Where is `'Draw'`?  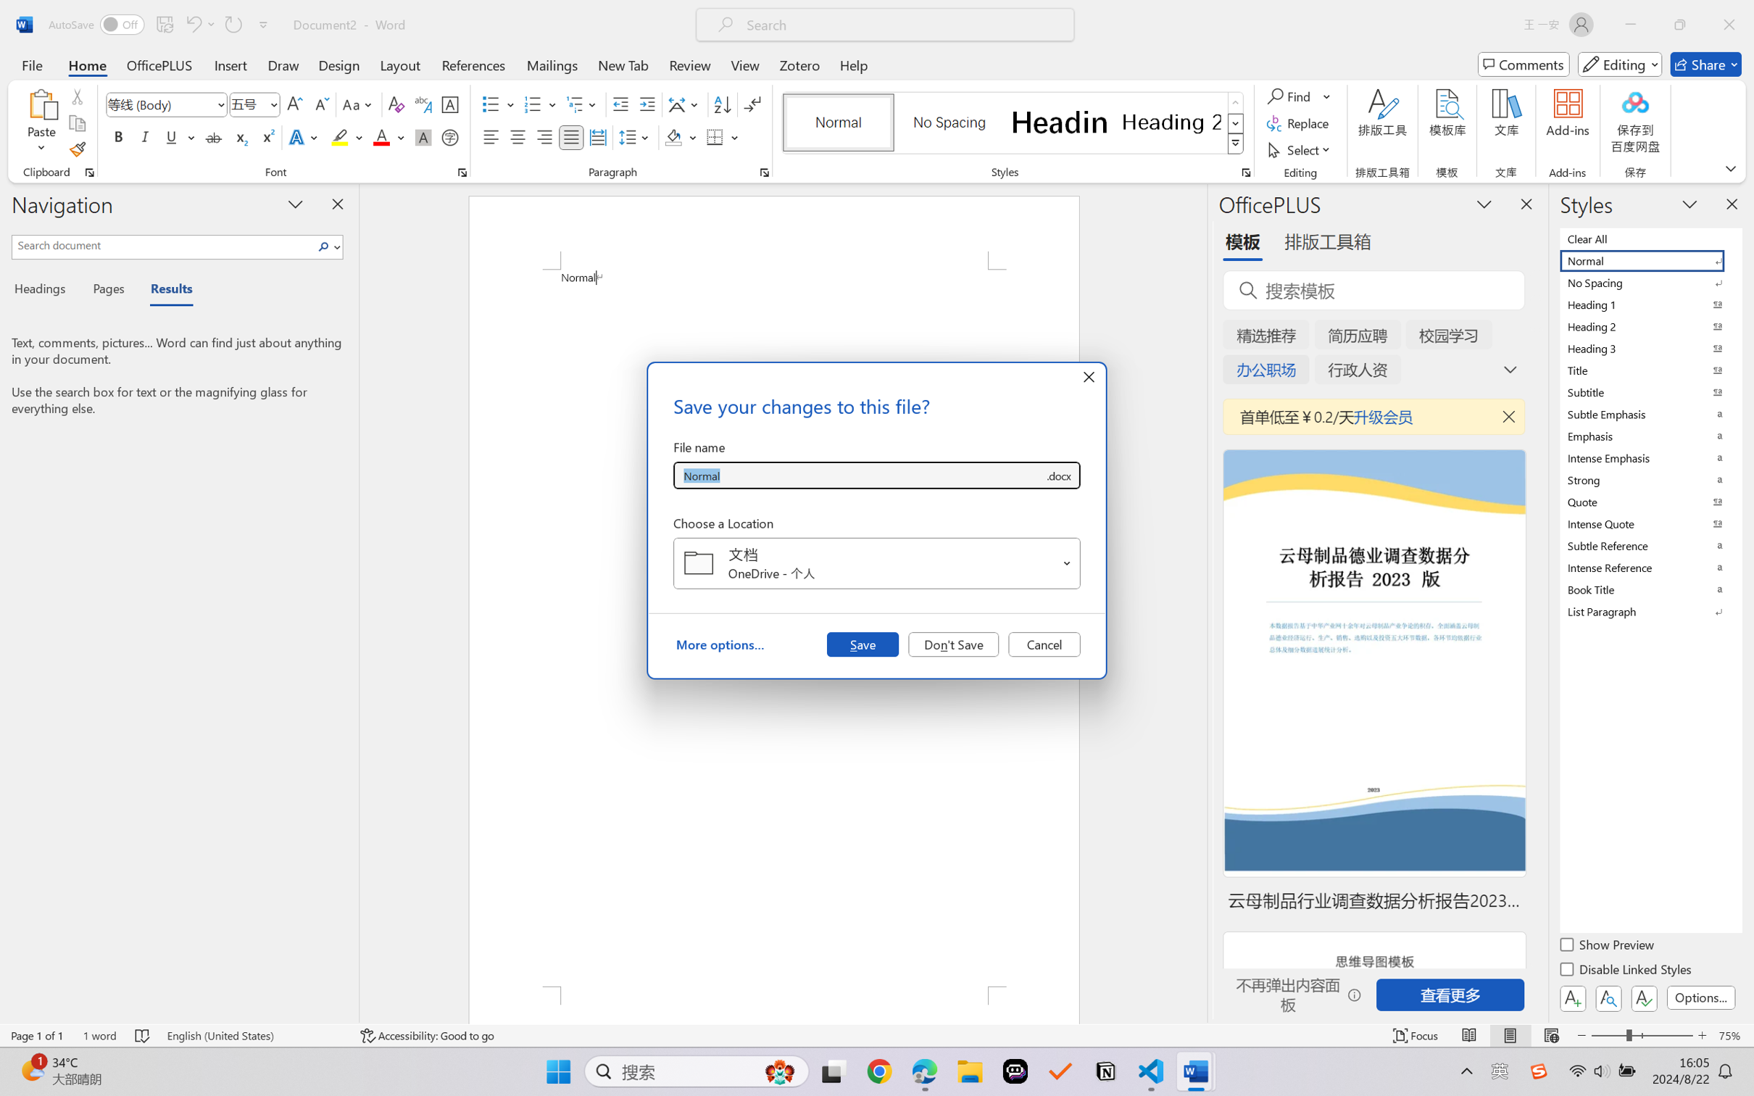 'Draw' is located at coordinates (283, 64).